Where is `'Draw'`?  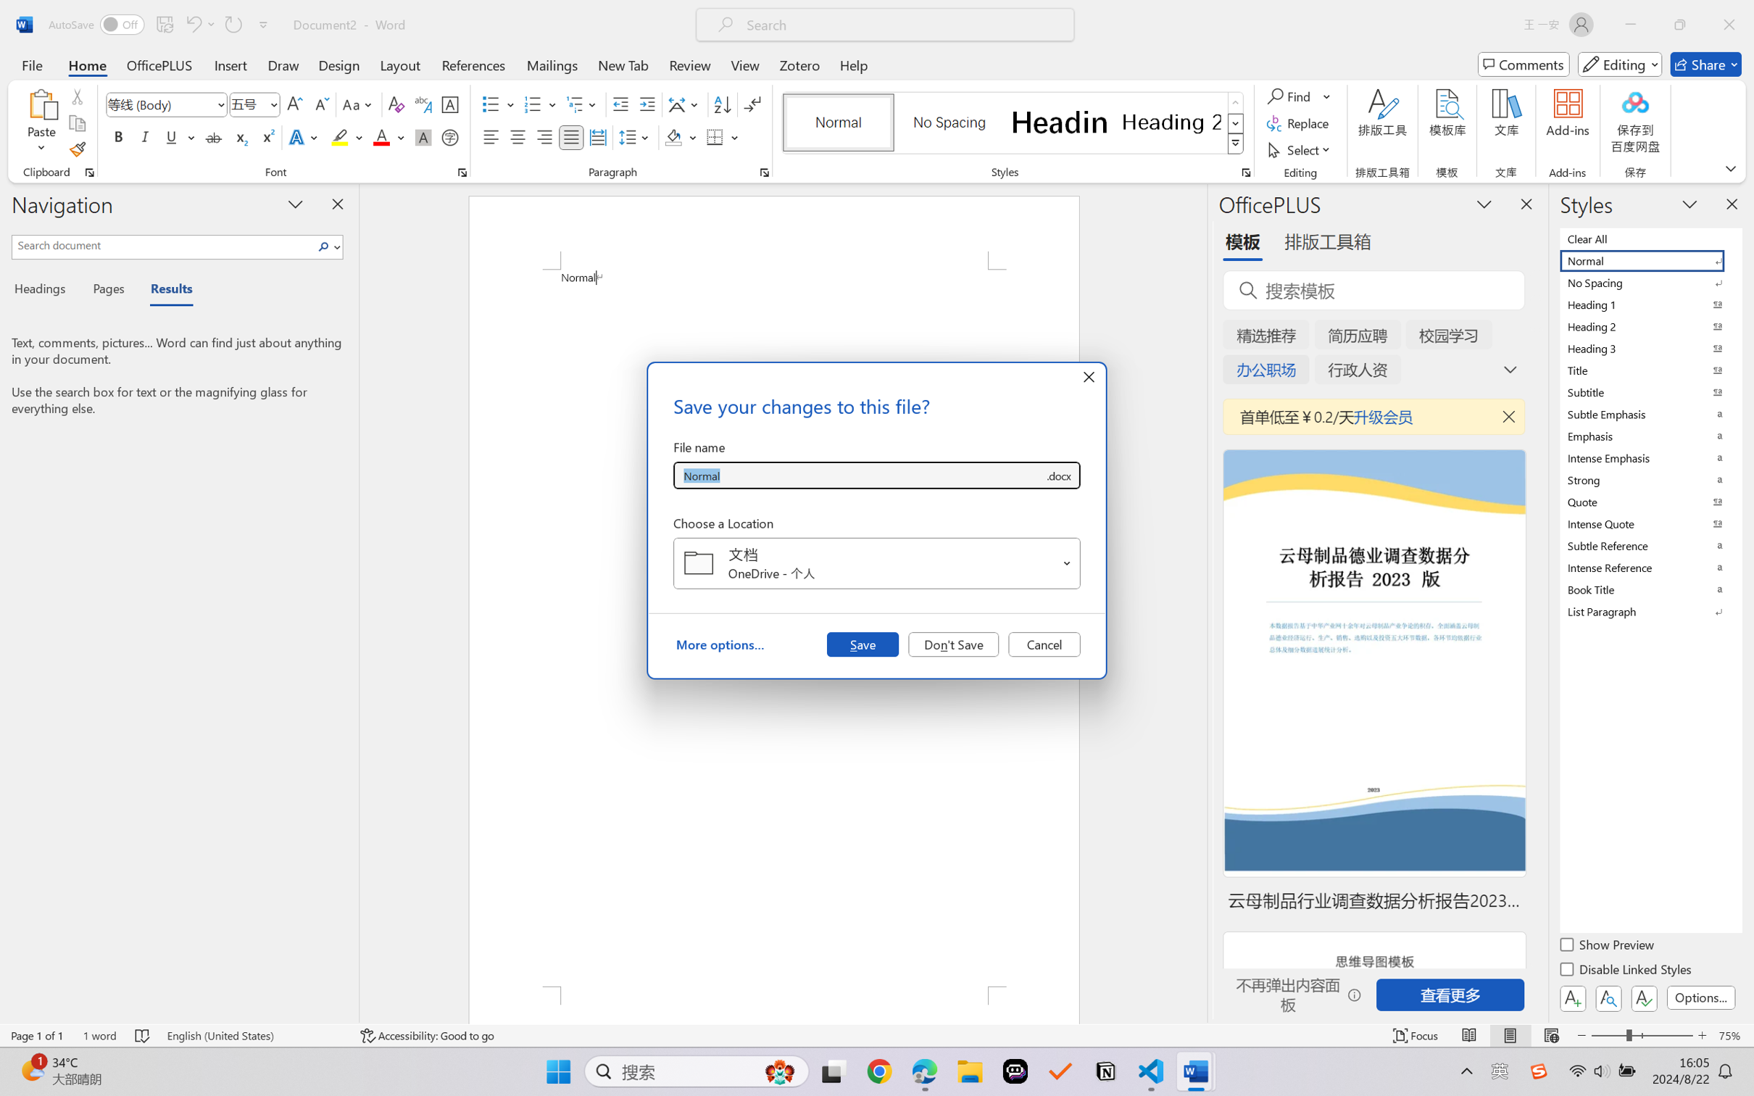 'Draw' is located at coordinates (283, 64).